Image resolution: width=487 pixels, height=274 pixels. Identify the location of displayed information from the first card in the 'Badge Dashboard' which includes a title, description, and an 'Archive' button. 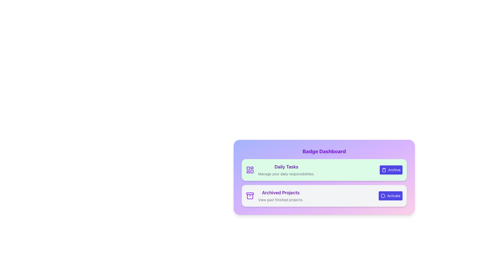
(324, 170).